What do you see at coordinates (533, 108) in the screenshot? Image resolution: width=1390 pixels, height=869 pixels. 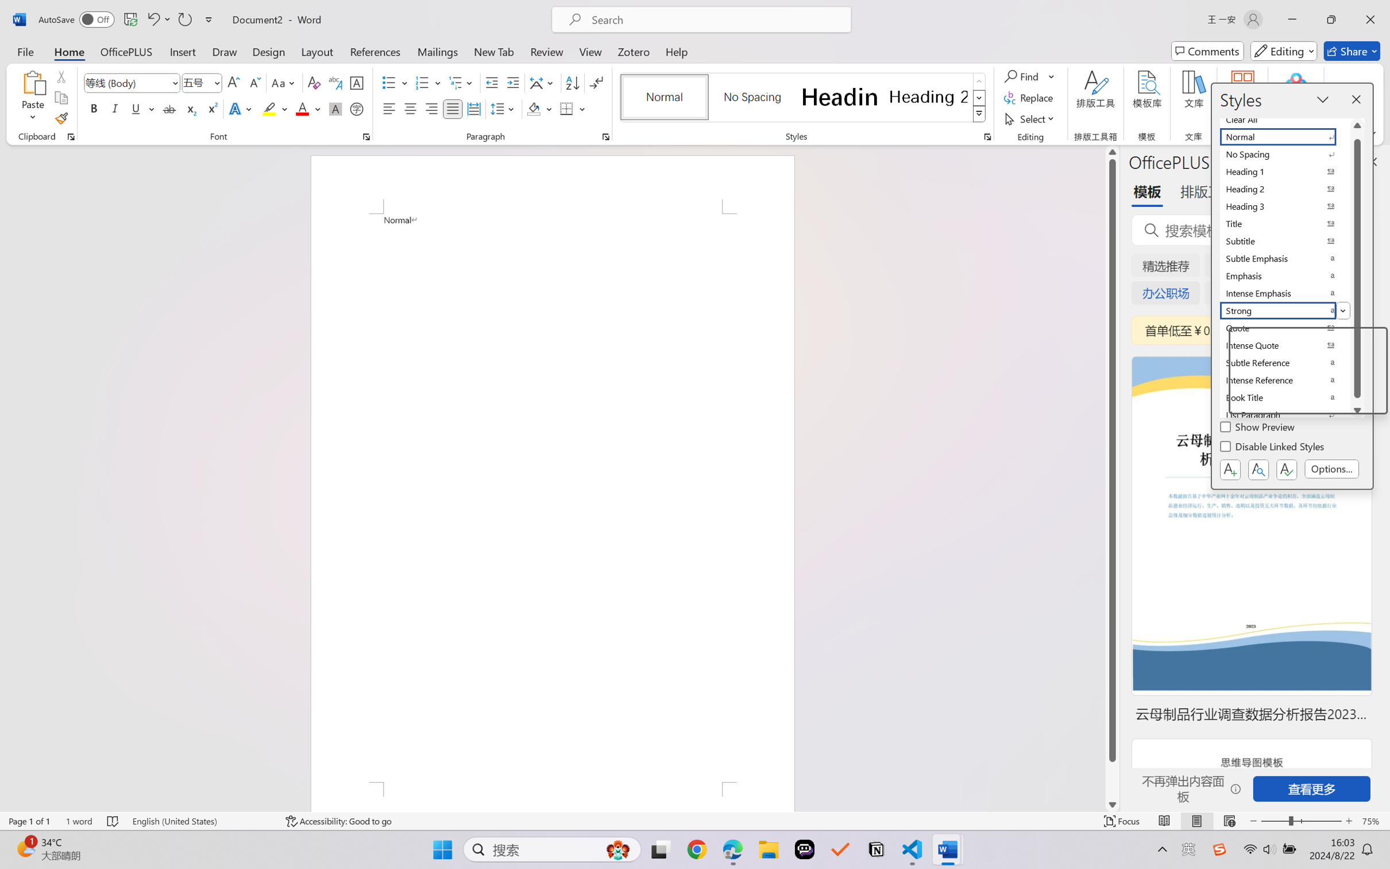 I see `'Shading RGB(0, 0, 0)'` at bounding box center [533, 108].